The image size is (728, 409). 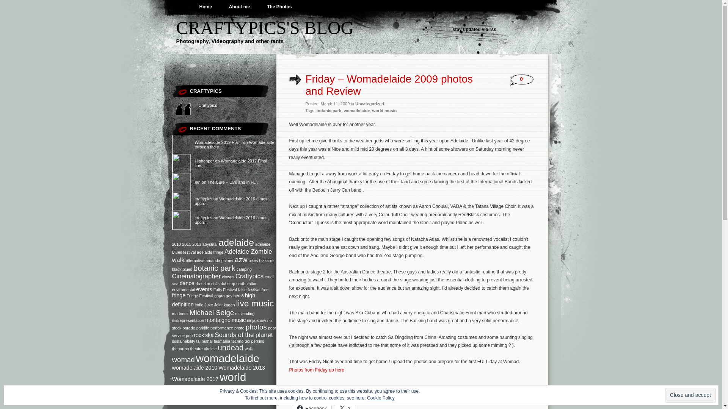 What do you see at coordinates (474, 29) in the screenshot?
I see `'stay updated via rss'` at bounding box center [474, 29].